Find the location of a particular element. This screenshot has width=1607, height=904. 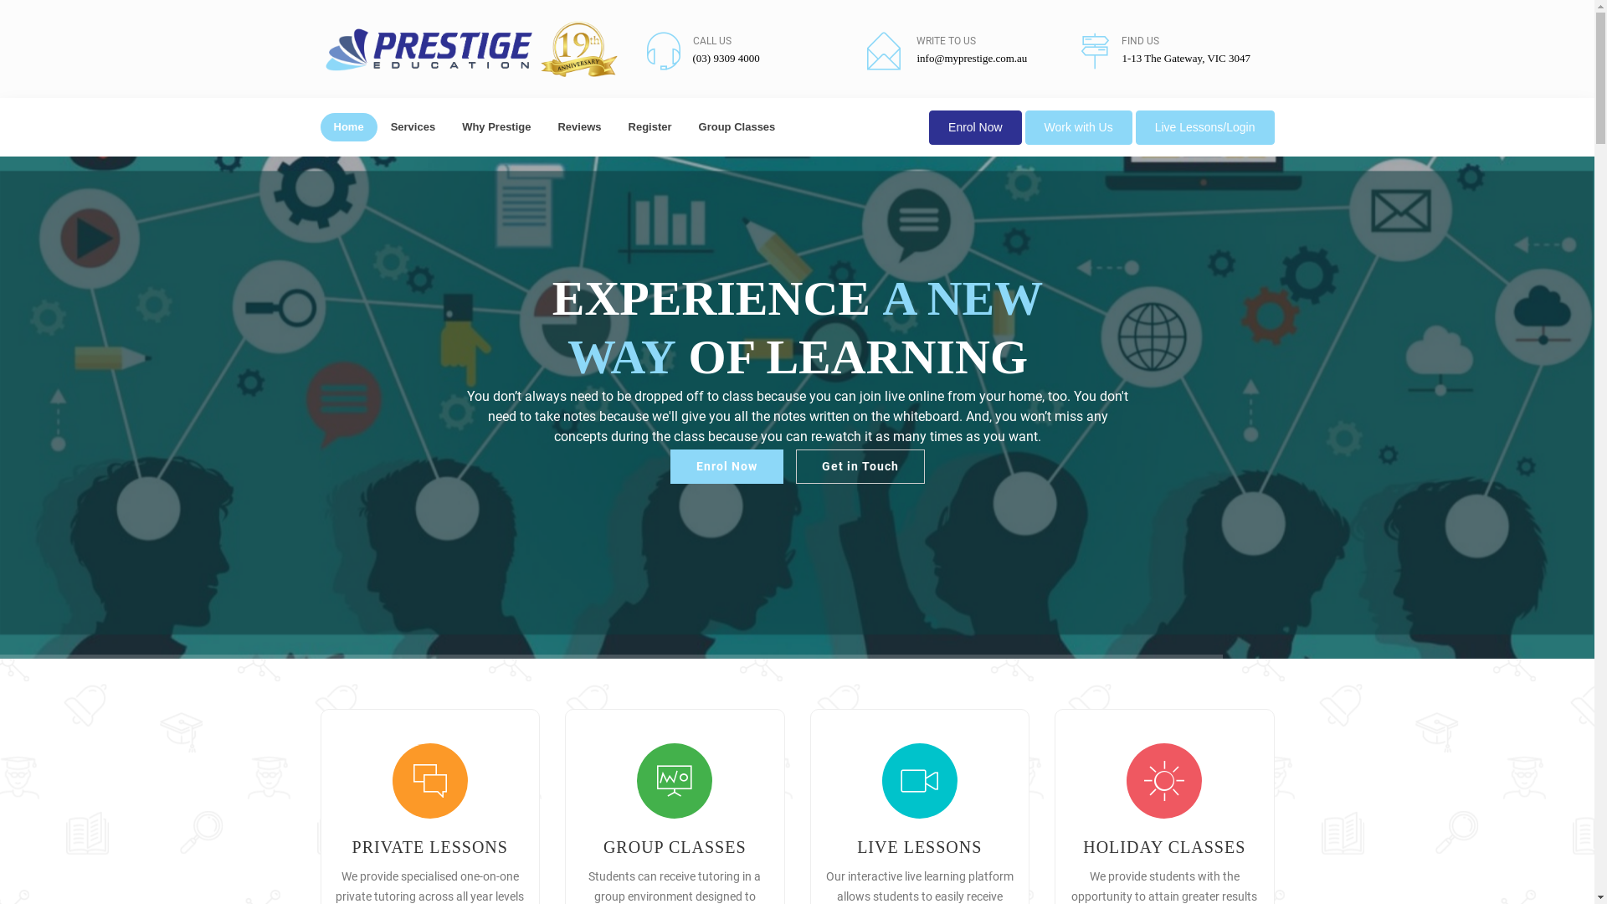

'Work with Us' is located at coordinates (1079, 126).